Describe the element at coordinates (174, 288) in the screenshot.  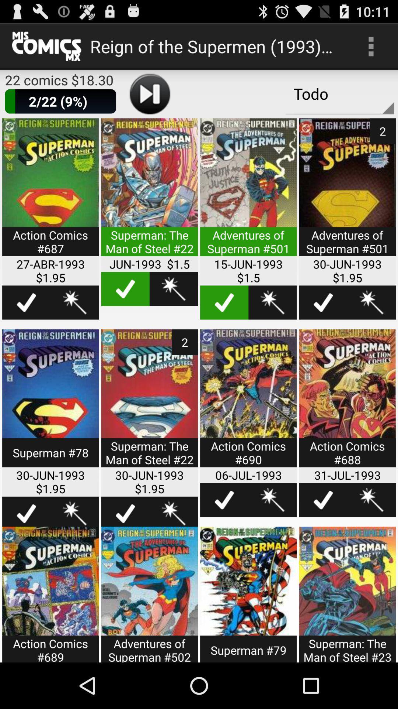
I see `to wishlist` at that location.